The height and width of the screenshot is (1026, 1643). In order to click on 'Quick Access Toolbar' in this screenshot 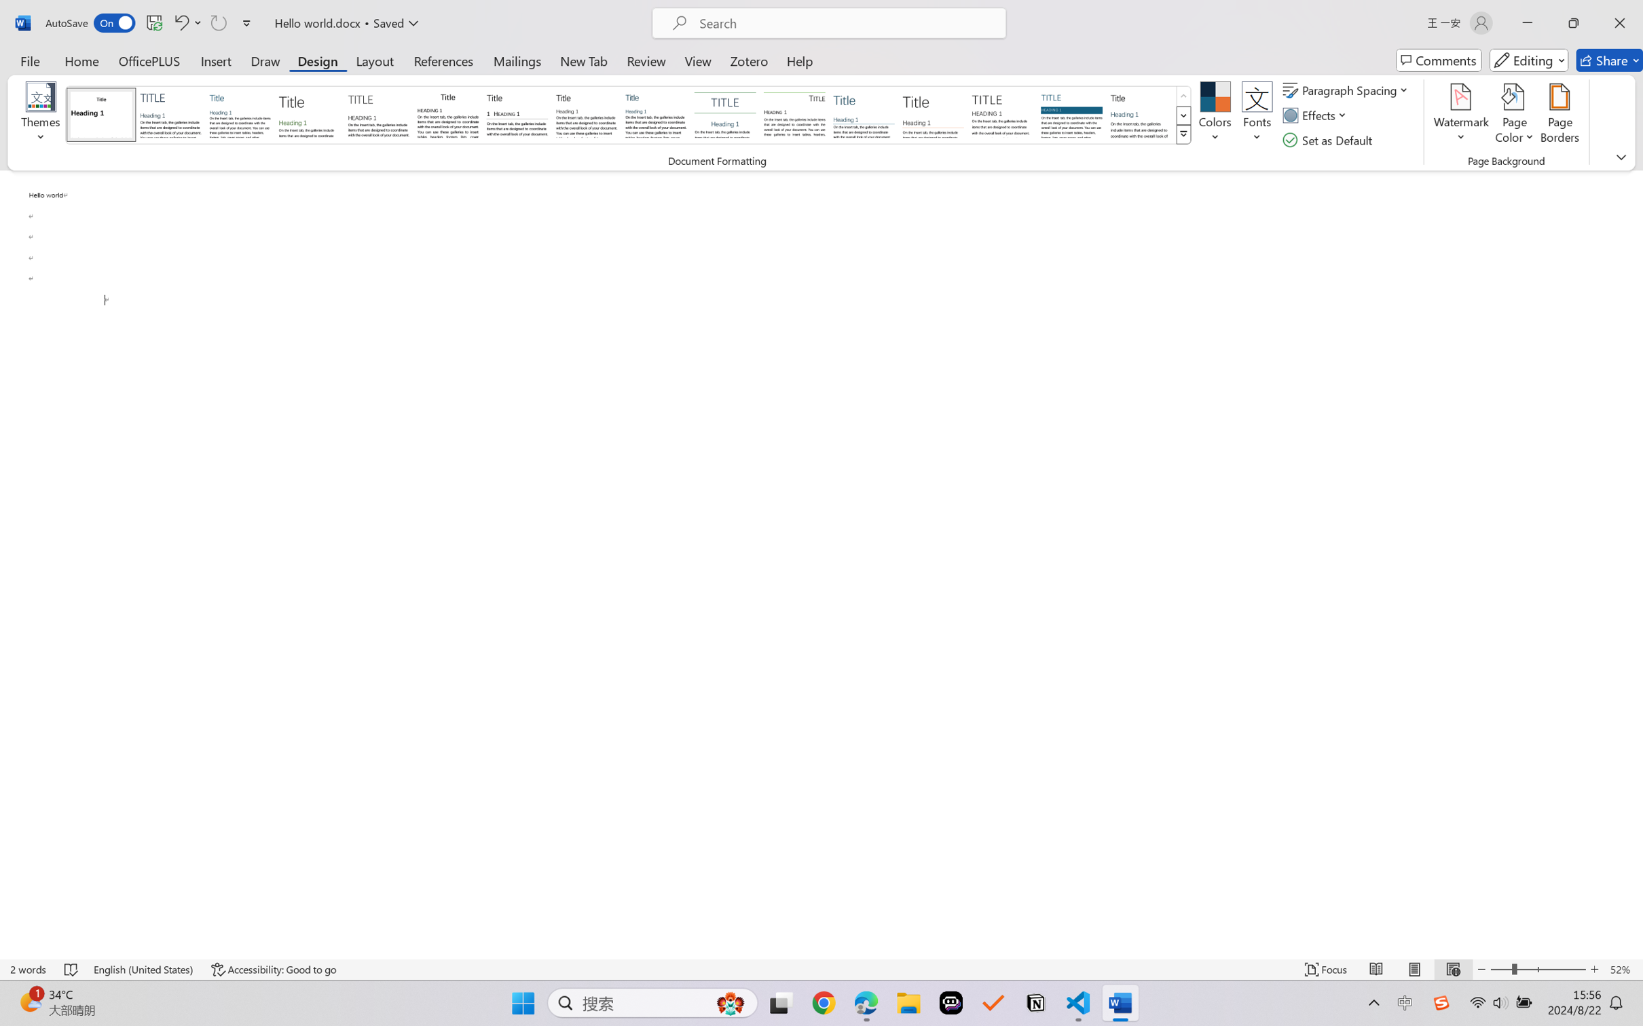, I will do `click(151, 22)`.